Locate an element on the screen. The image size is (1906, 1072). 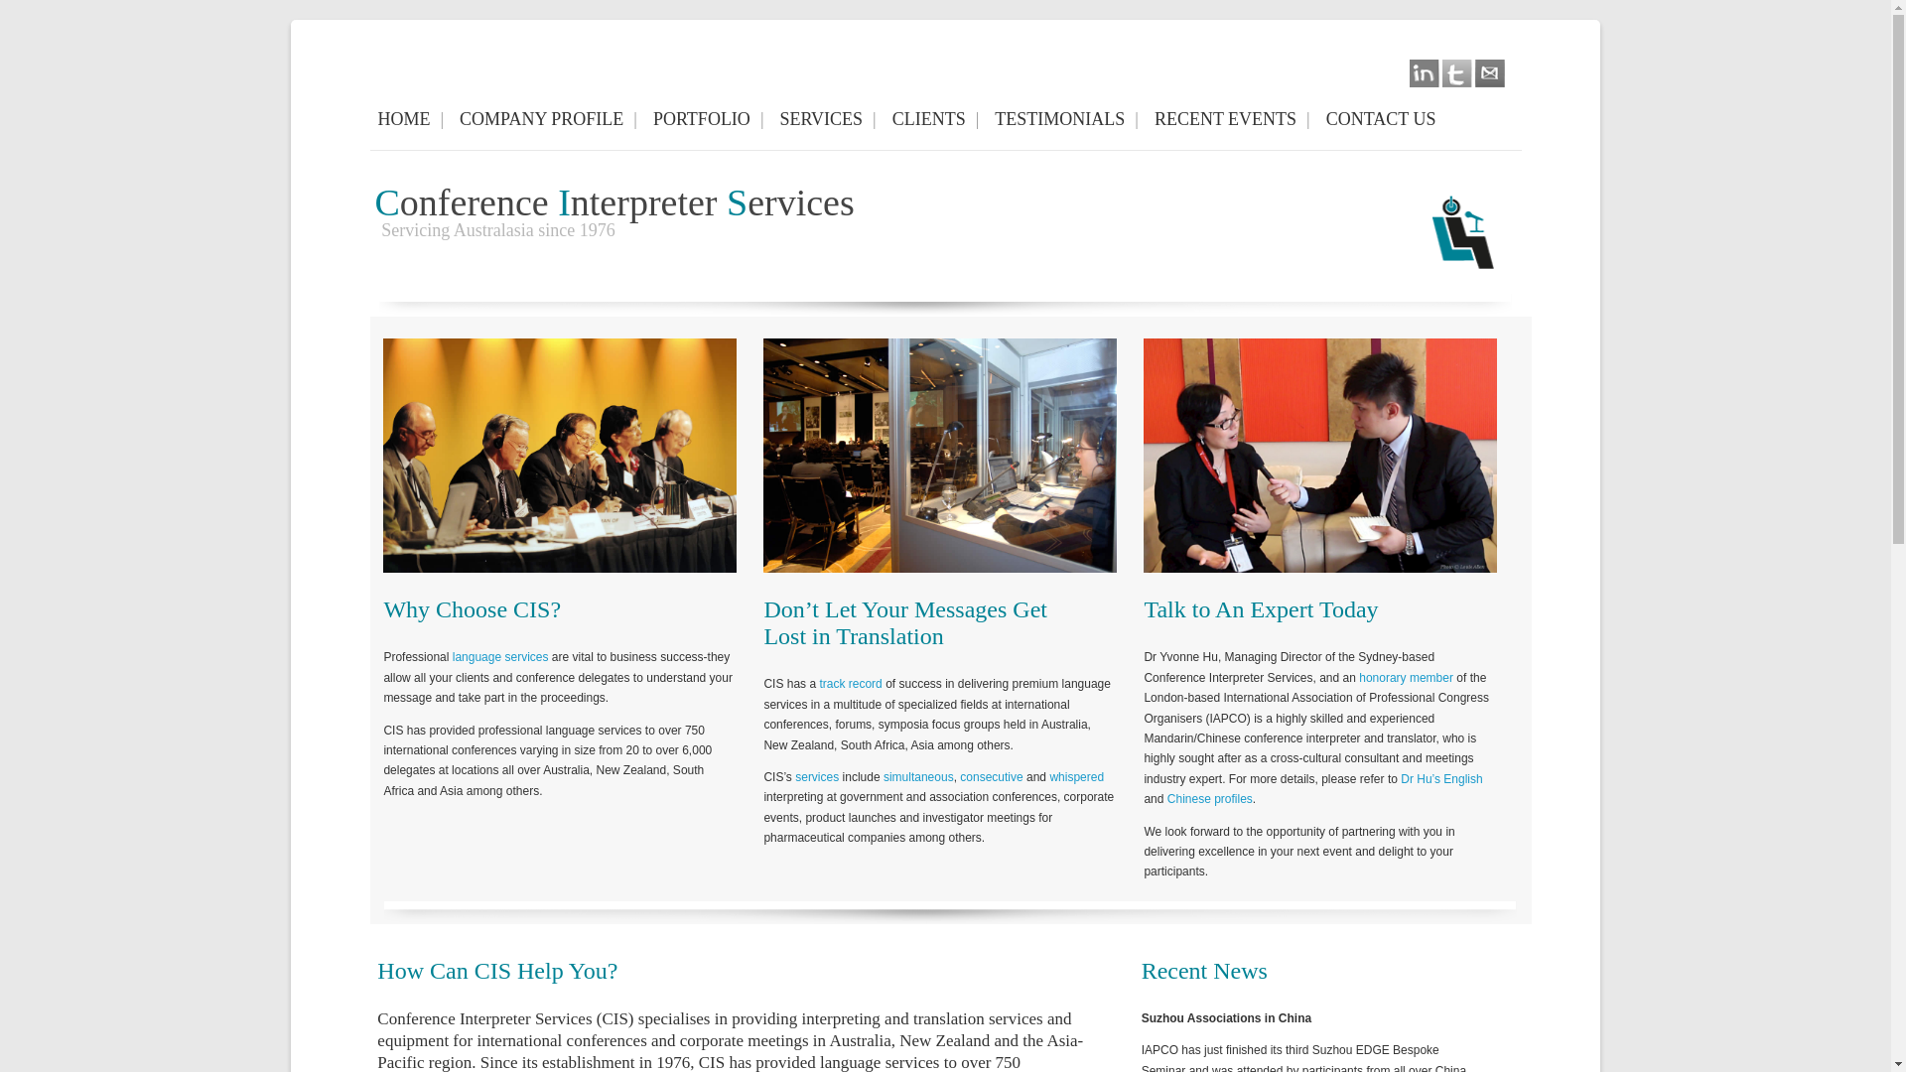
'HOME' is located at coordinates (369, 119).